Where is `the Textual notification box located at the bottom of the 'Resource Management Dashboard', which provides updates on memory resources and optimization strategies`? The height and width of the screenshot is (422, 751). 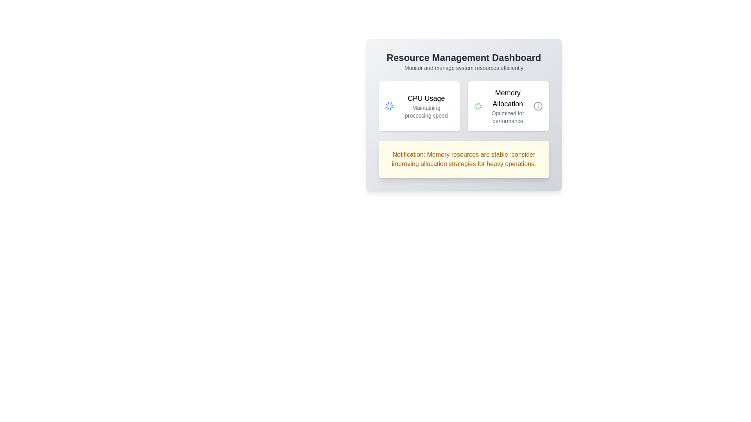 the Textual notification box located at the bottom of the 'Resource Management Dashboard', which provides updates on memory resources and optimization strategies is located at coordinates (464, 159).